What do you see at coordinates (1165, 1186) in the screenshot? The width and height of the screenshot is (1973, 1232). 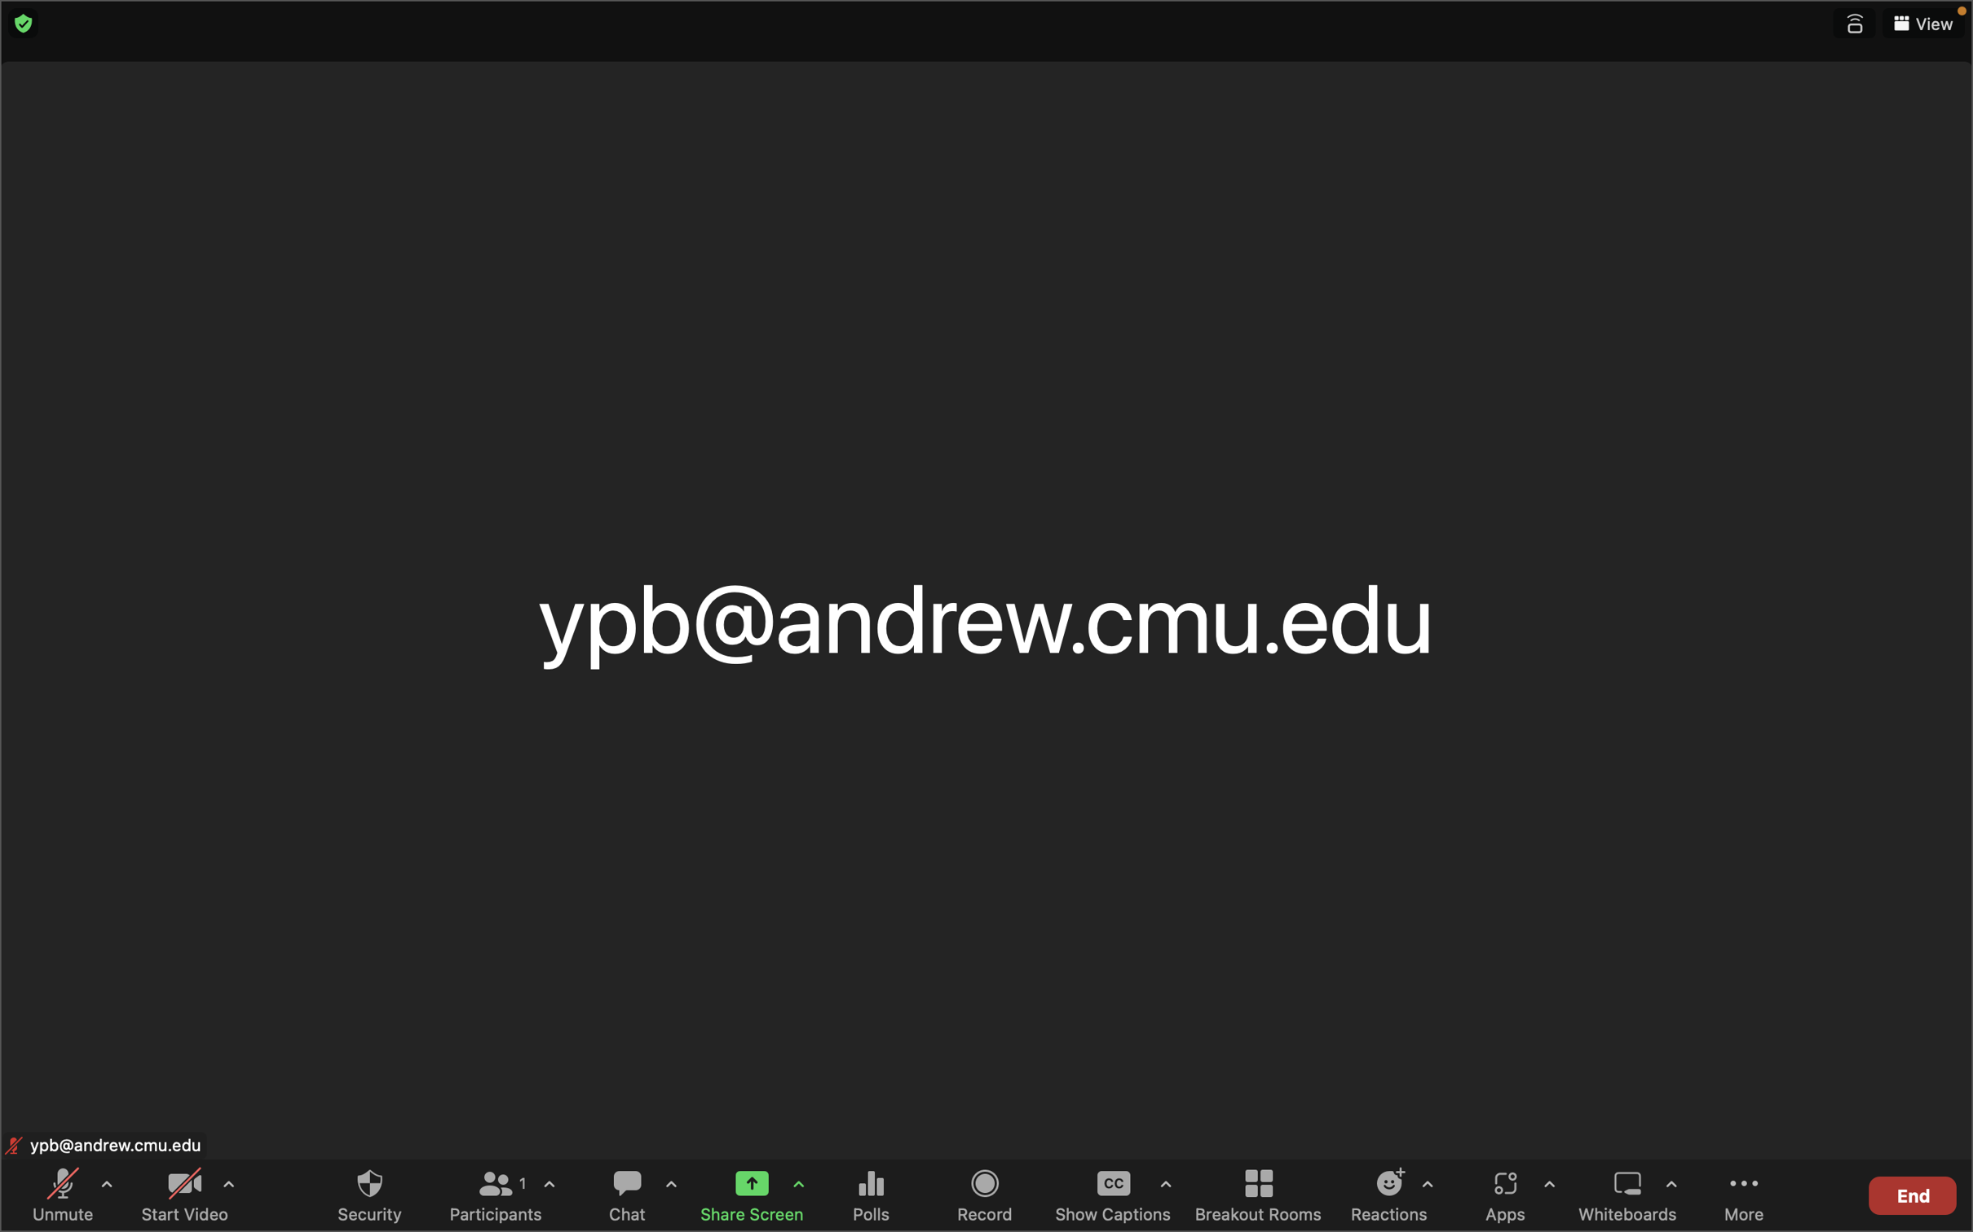 I see `the captions settings` at bounding box center [1165, 1186].